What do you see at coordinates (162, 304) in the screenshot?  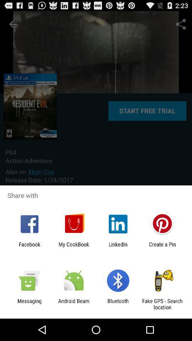 I see `item to the right of bluetooth` at bounding box center [162, 304].